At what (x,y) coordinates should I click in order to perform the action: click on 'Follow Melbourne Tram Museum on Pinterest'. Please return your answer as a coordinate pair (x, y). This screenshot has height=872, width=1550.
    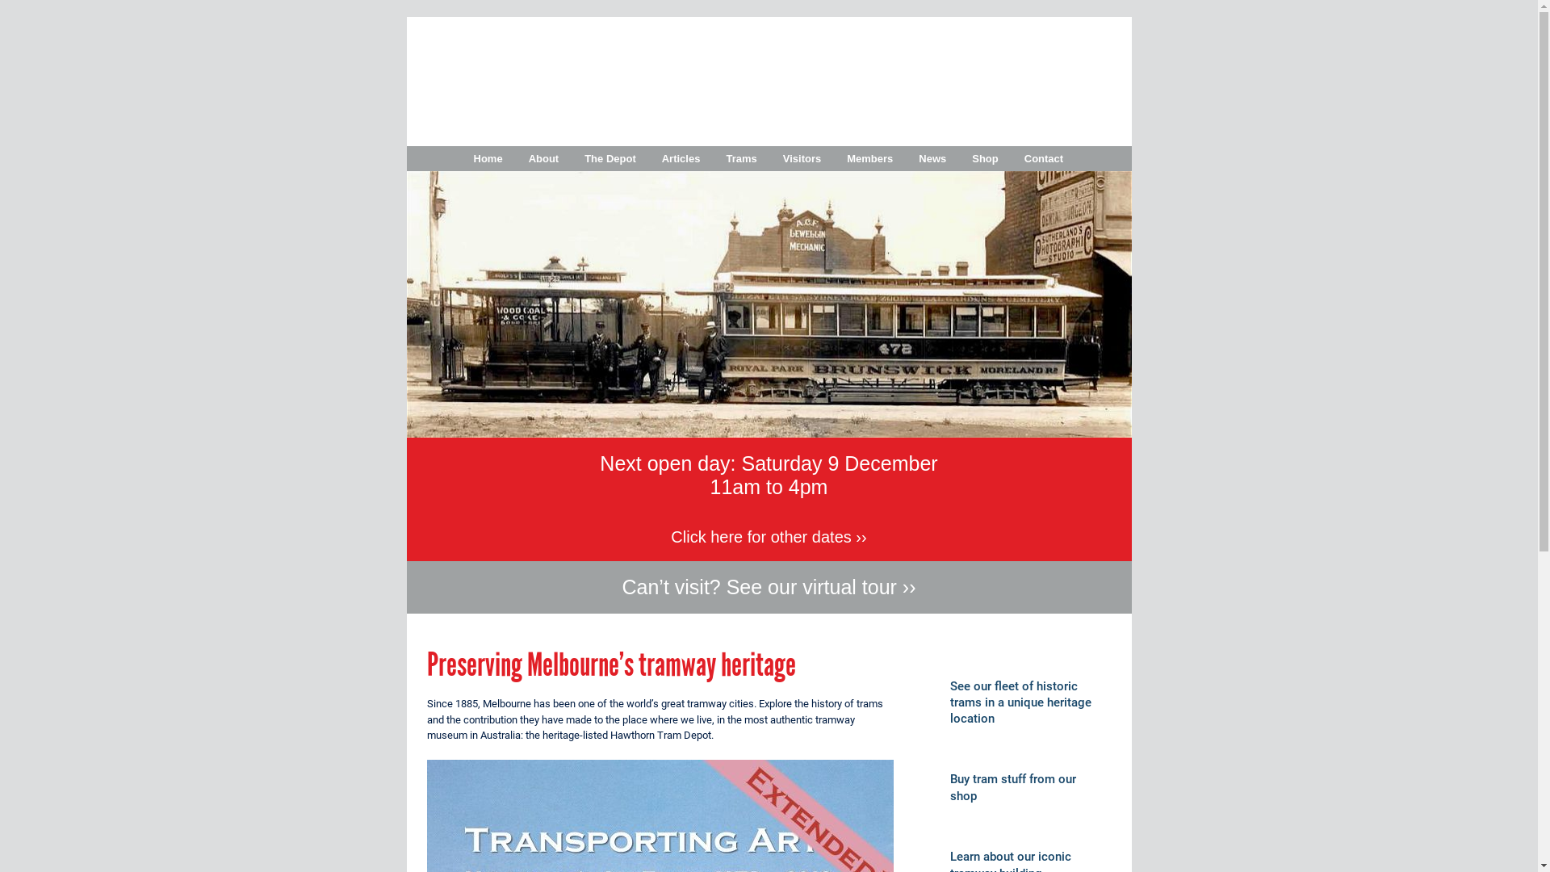
    Looking at the image, I should click on (1526, 176).